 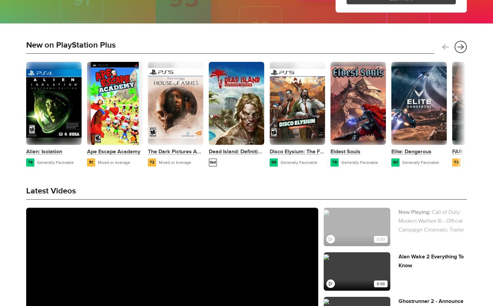 I want to click on '8:58', so click(x=380, y=284).